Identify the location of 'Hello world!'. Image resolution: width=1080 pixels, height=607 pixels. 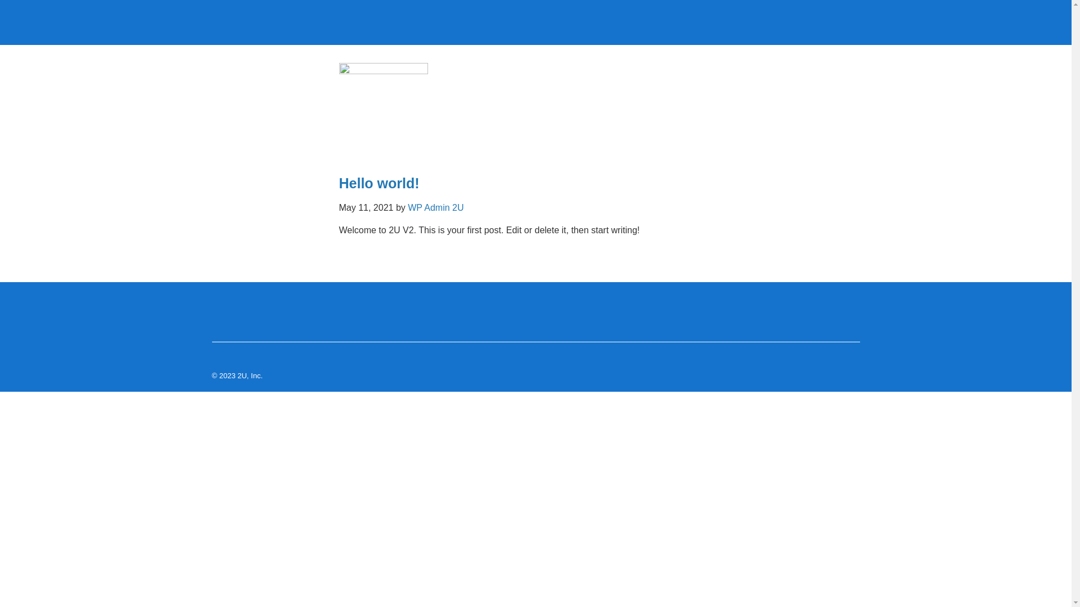
(379, 183).